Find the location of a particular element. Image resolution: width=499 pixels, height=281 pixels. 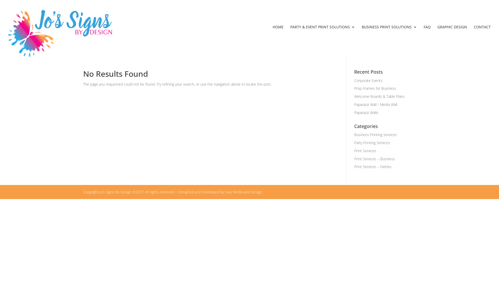

'GRAPHIC DESIGN' is located at coordinates (452, 39).